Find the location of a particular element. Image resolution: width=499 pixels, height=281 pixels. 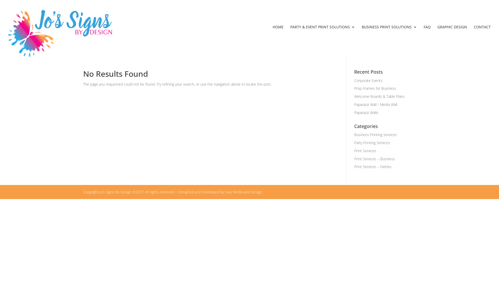

'GRAPHIC DESIGN' is located at coordinates (452, 39).